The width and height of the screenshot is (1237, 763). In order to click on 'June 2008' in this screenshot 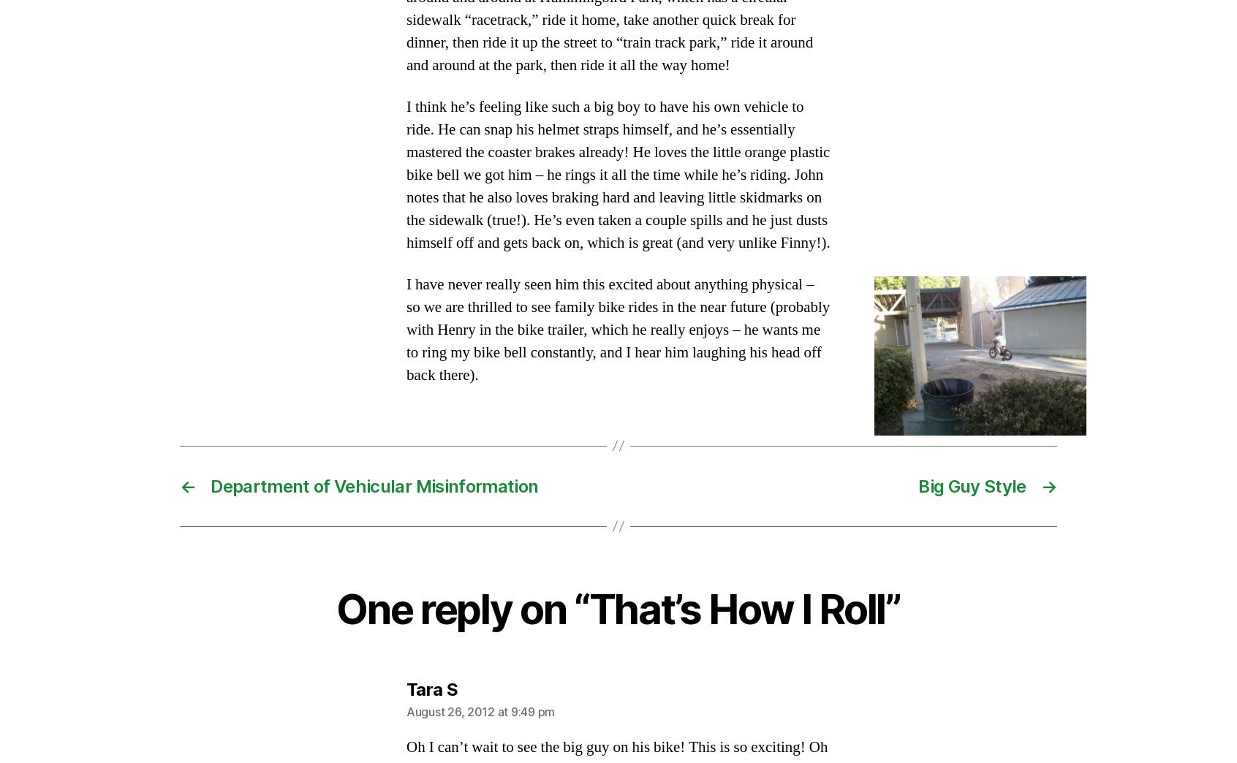, I will do `click(180, 535)`.